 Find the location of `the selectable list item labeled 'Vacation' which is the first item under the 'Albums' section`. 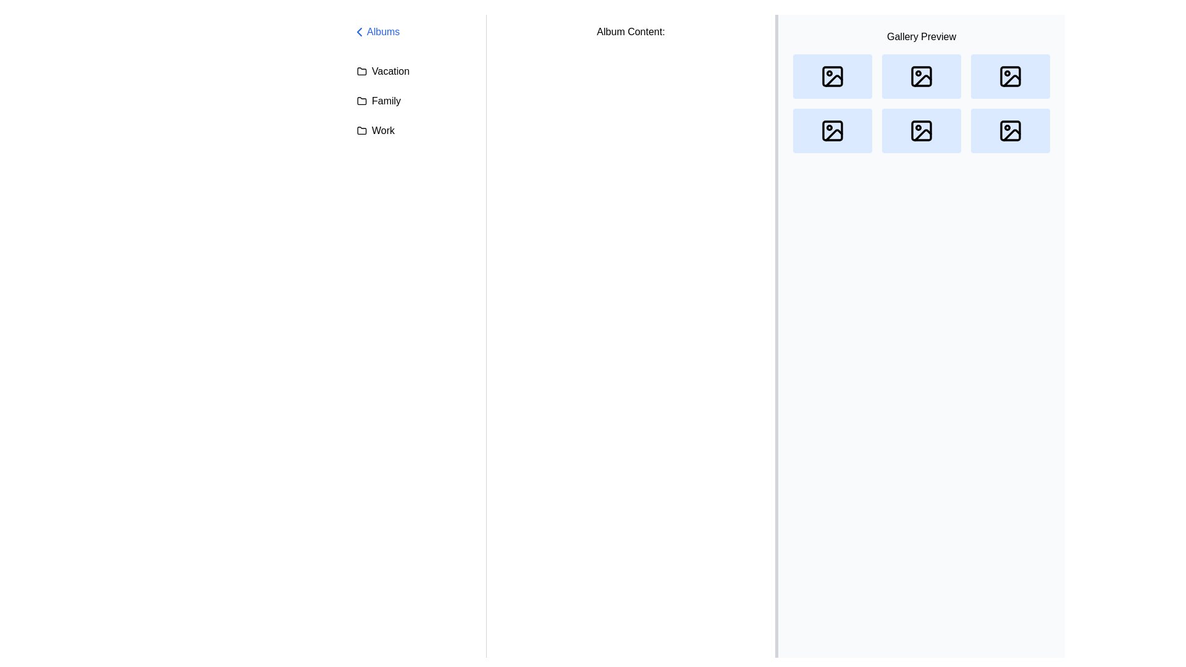

the selectable list item labeled 'Vacation' which is the first item under the 'Albums' section is located at coordinates (414, 71).